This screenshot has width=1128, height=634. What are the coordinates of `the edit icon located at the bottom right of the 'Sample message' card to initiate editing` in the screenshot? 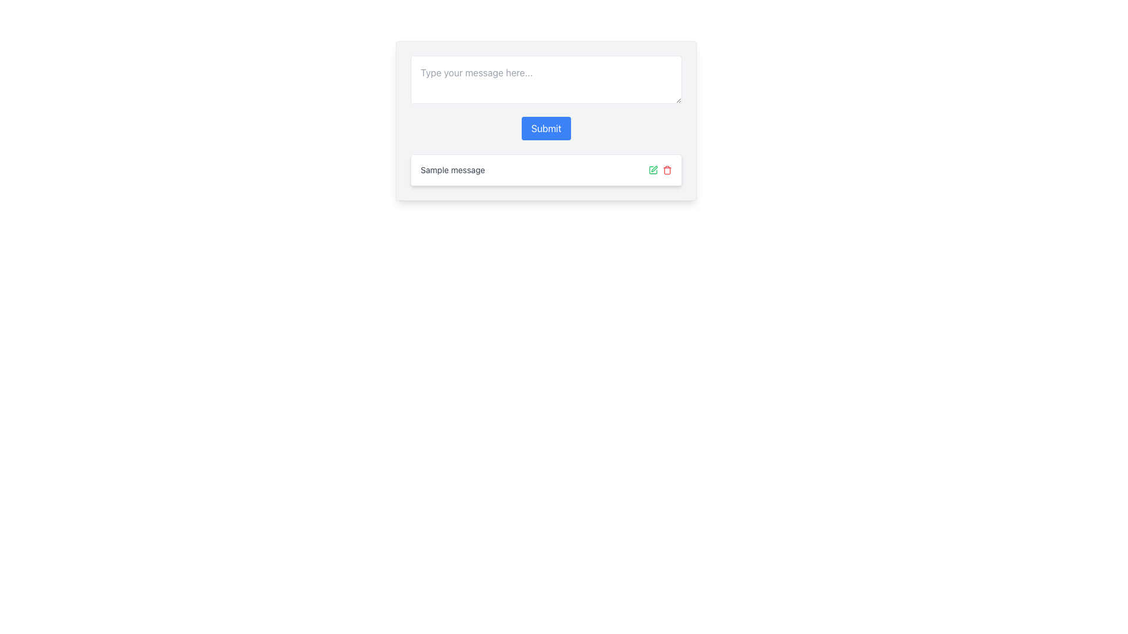 It's located at (660, 170).